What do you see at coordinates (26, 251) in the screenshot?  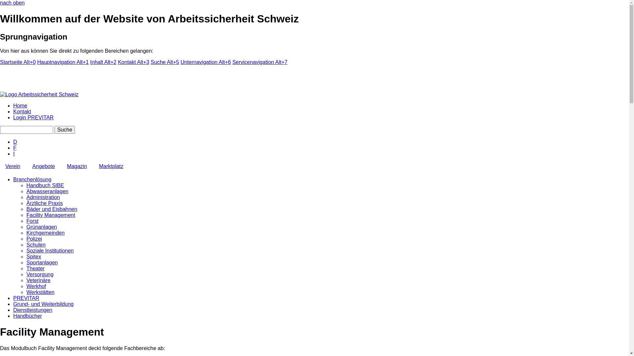 I see `'Soziale Institutionen'` at bounding box center [26, 251].